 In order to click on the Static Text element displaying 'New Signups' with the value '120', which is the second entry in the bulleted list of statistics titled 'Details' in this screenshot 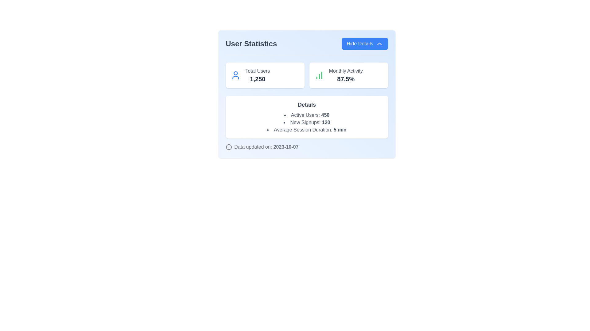, I will do `click(307, 123)`.